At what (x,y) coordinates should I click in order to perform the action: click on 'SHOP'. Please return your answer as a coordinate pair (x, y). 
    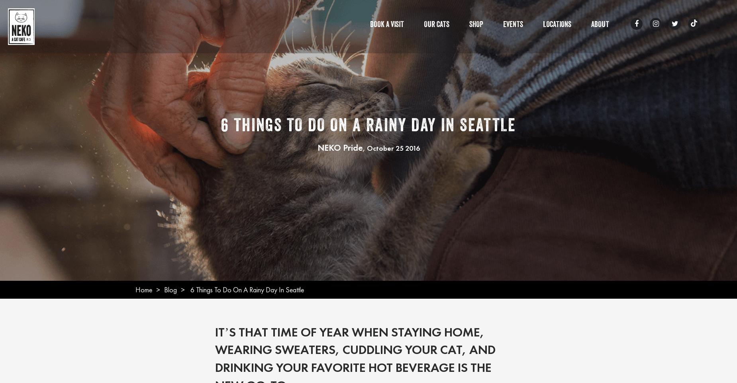
    Looking at the image, I should click on (476, 25).